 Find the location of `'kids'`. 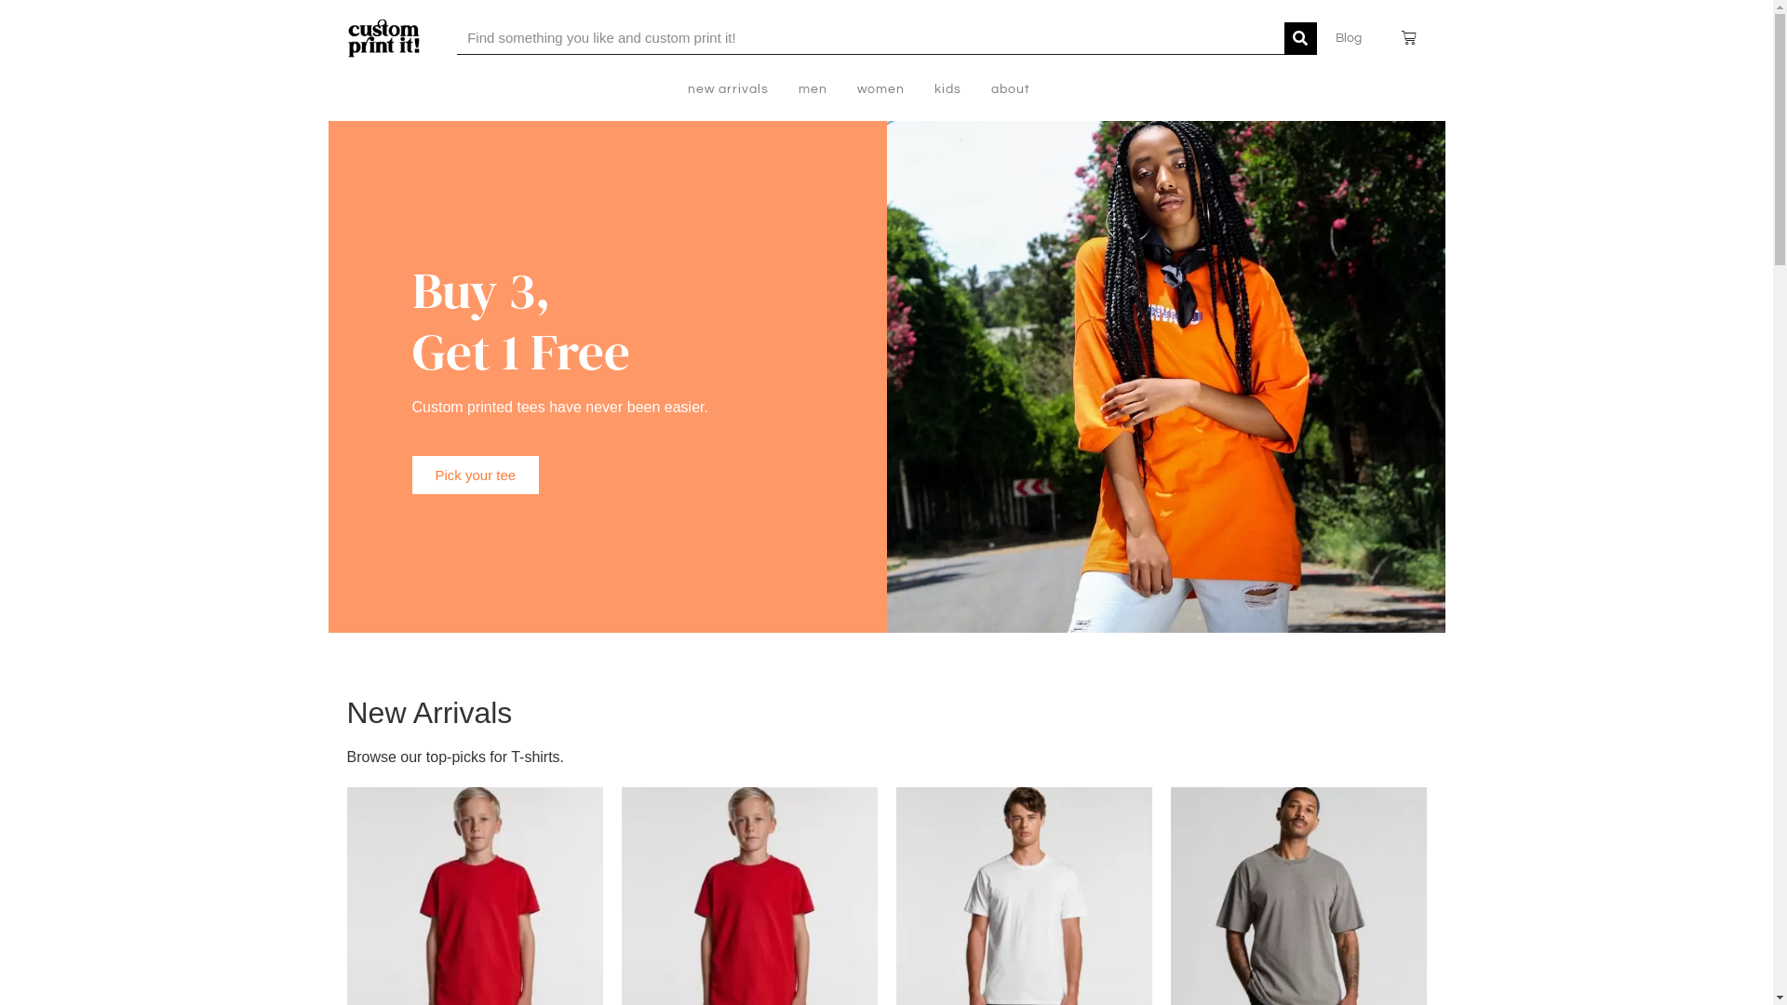

'kids' is located at coordinates (934, 89).